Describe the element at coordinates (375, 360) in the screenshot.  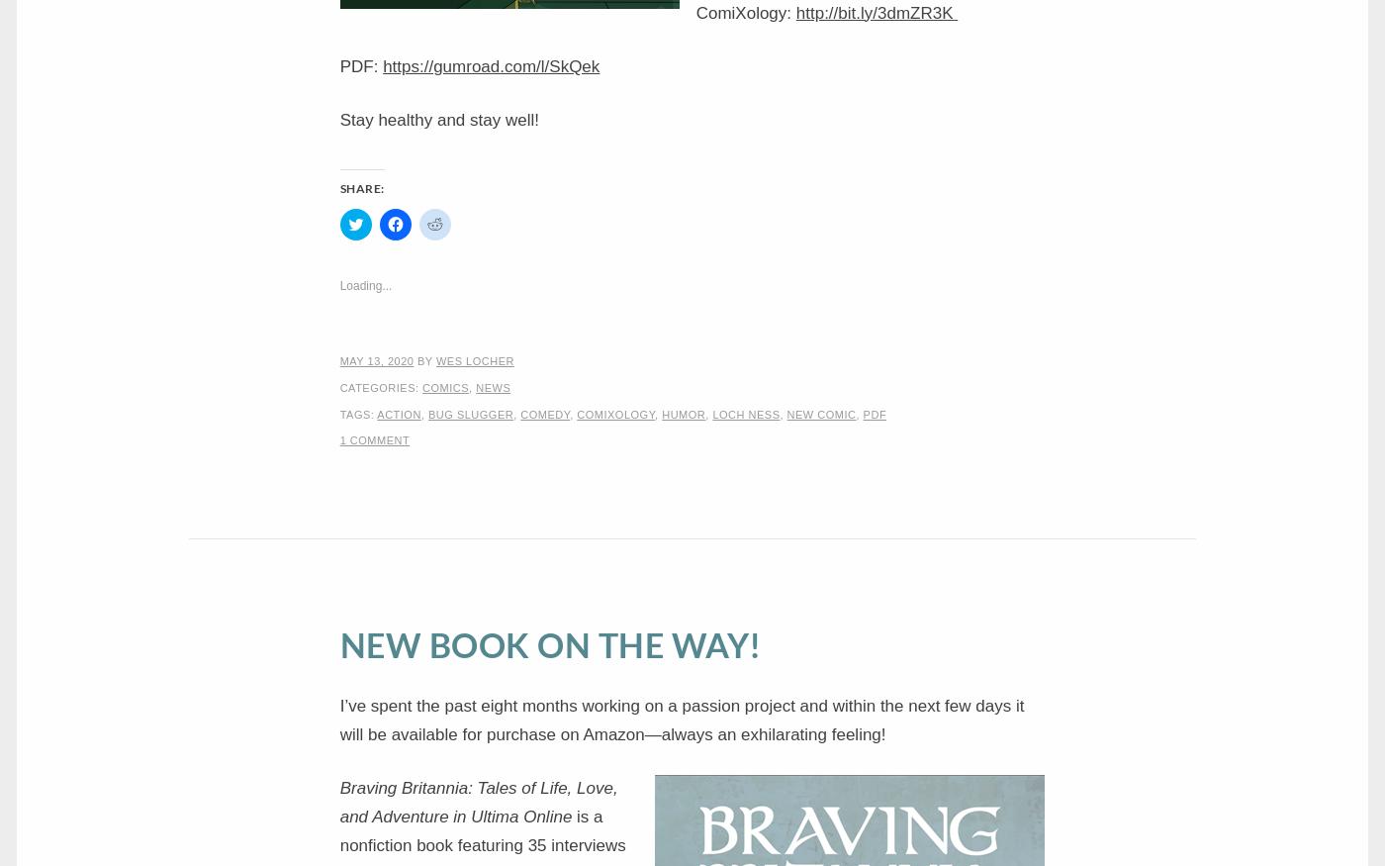
I see `'May 13, 2020'` at that location.